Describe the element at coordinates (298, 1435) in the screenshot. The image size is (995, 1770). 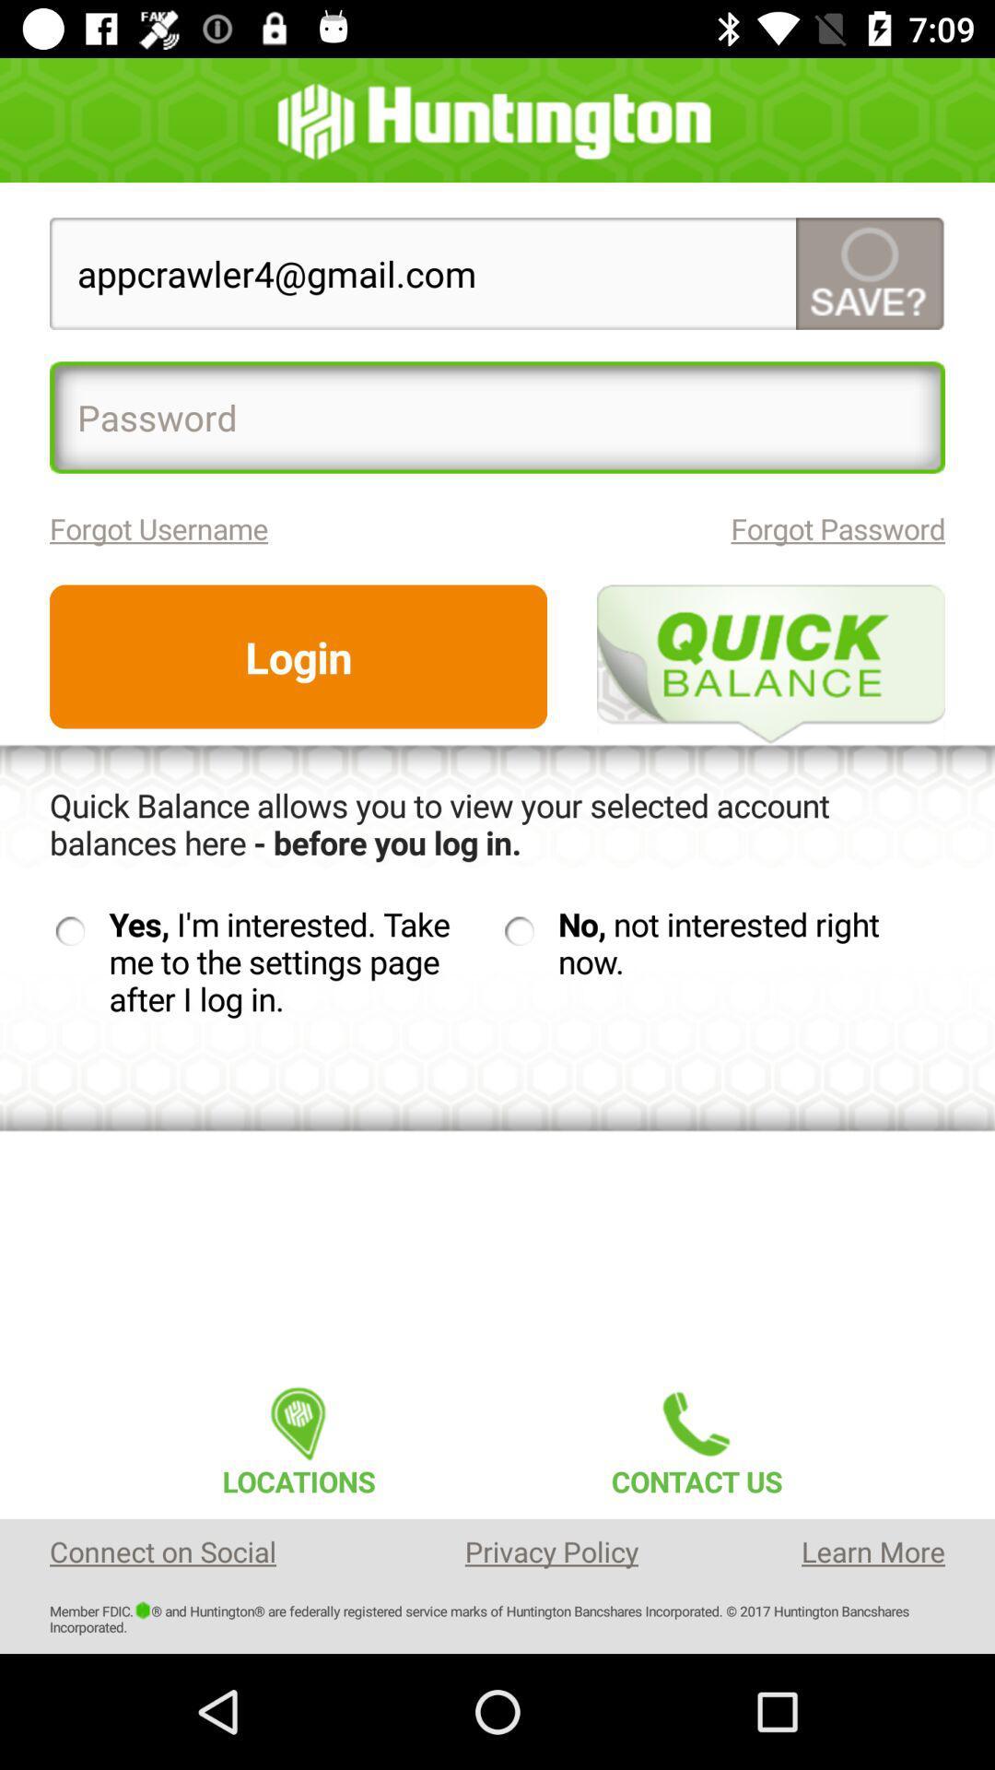
I see `locations` at that location.